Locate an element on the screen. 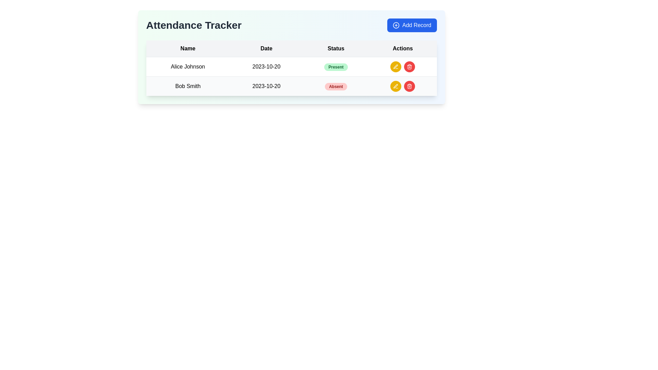 The width and height of the screenshot is (658, 370). the button located at the top-right part of the interface, under the title 'Attendance Tracker' is located at coordinates (412, 25).